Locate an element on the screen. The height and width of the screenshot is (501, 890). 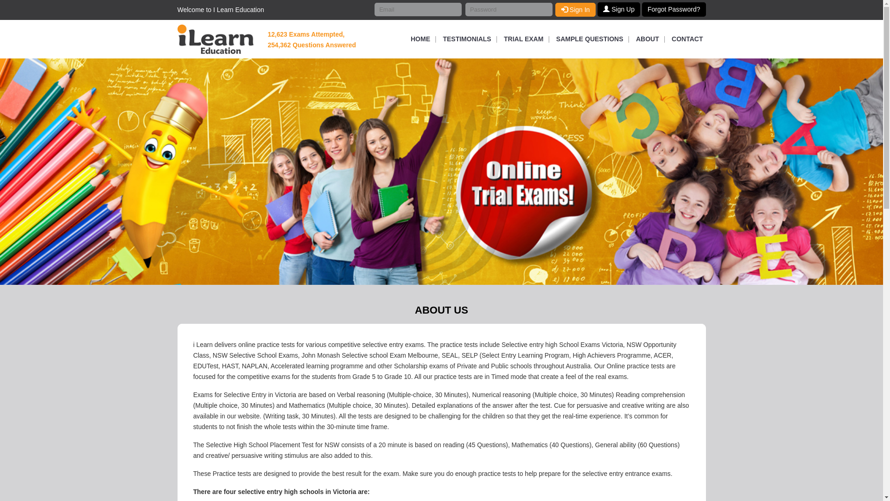
'SAMPLE QUESTIONS' is located at coordinates (589, 39).